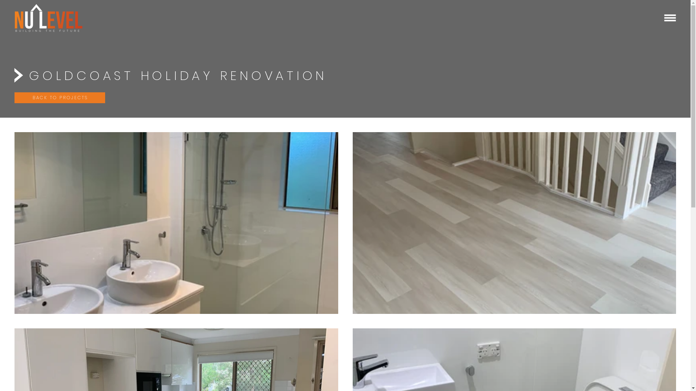 The image size is (696, 391). Describe the element at coordinates (59, 98) in the screenshot. I see `'B A C K   T O   P R O J E C T S'` at that location.